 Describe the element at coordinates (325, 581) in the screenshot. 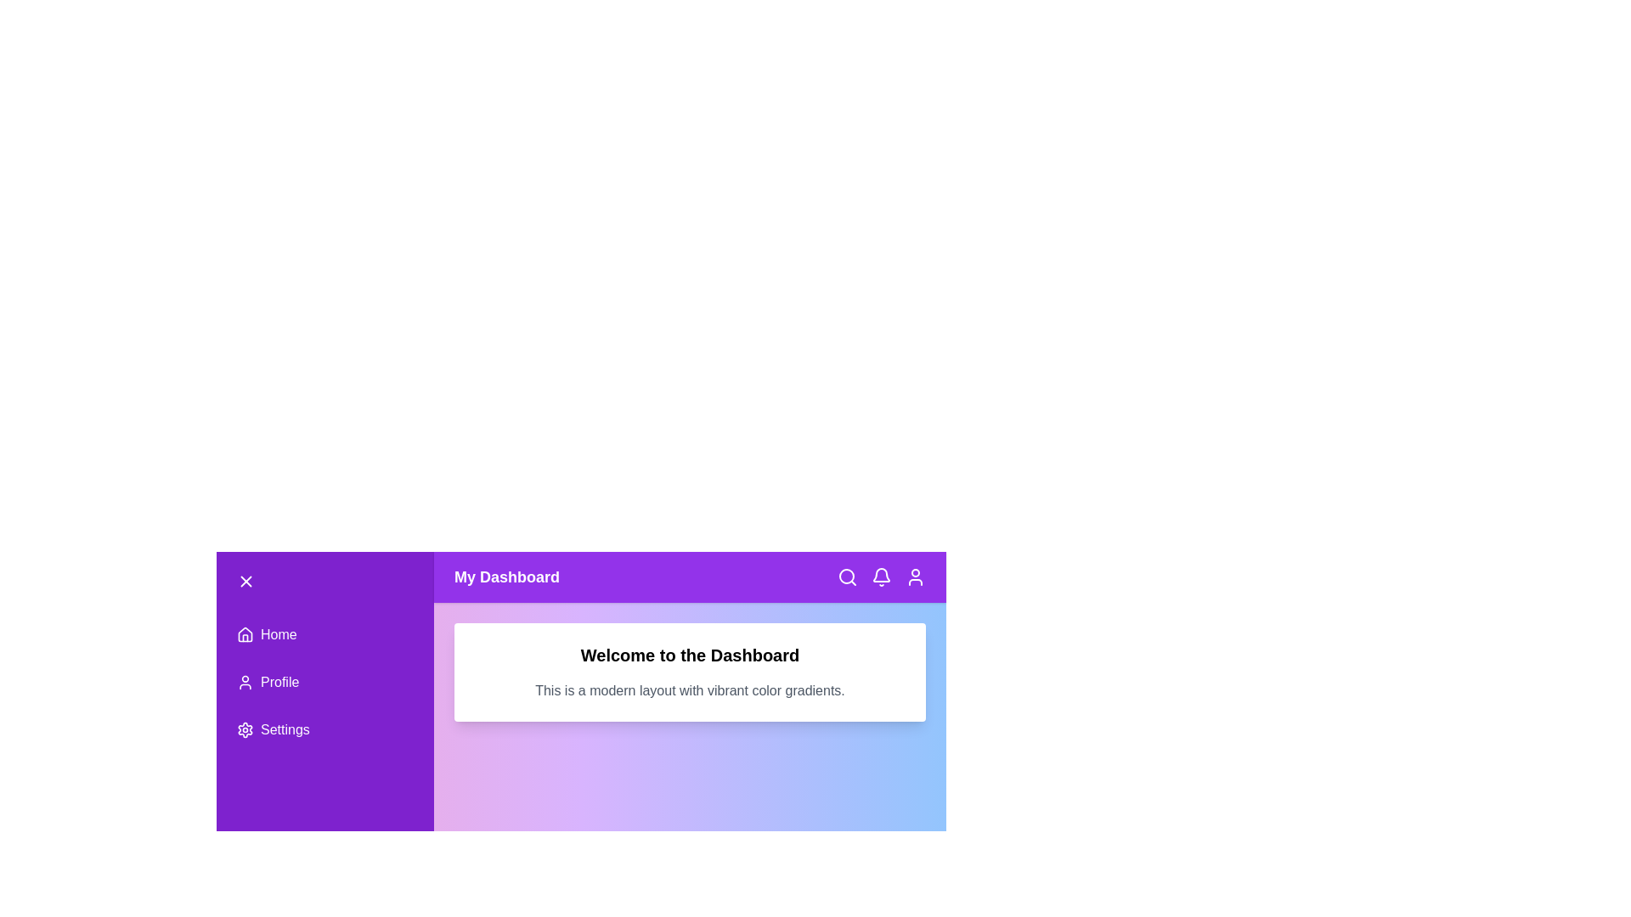

I see `the button to toggle the menu state` at that location.